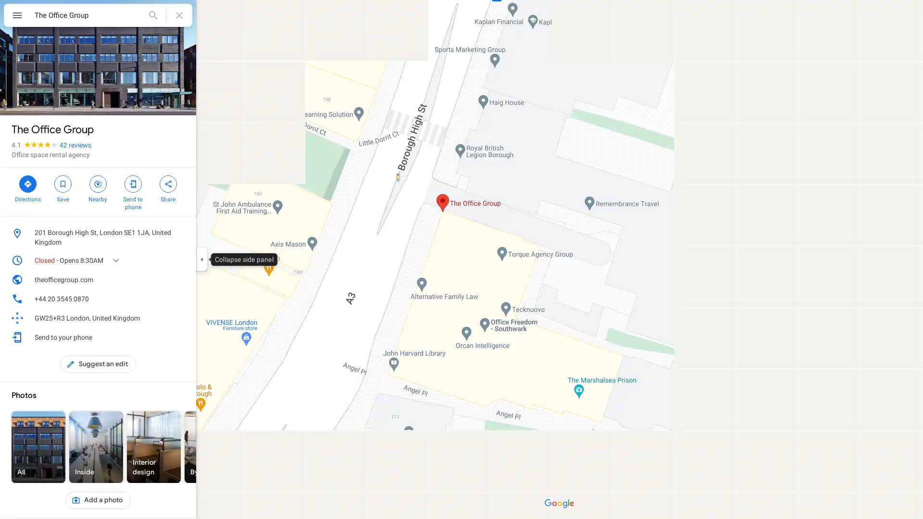  What do you see at coordinates (96, 447) in the screenshot?
I see `Inside` at bounding box center [96, 447].